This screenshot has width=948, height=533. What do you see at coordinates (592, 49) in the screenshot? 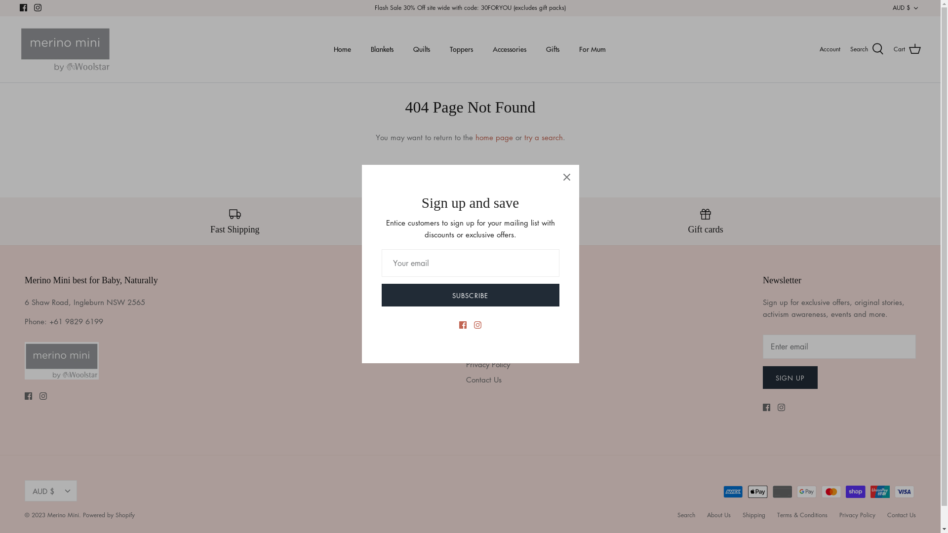
I see `'For Mum'` at bounding box center [592, 49].